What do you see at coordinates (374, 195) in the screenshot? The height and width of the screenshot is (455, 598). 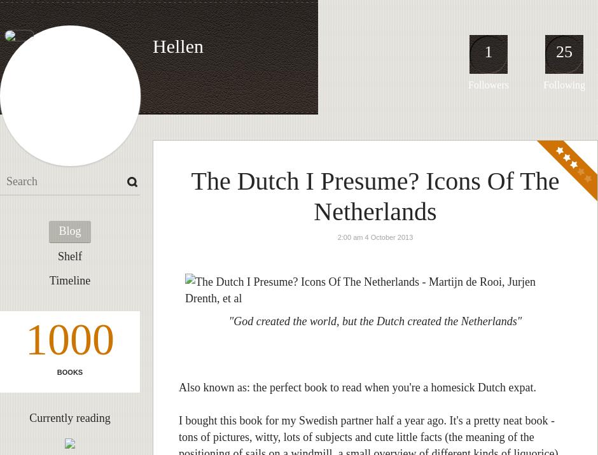 I see `'The Dutch I Presume? Icons Of The Netherlands'` at bounding box center [374, 195].